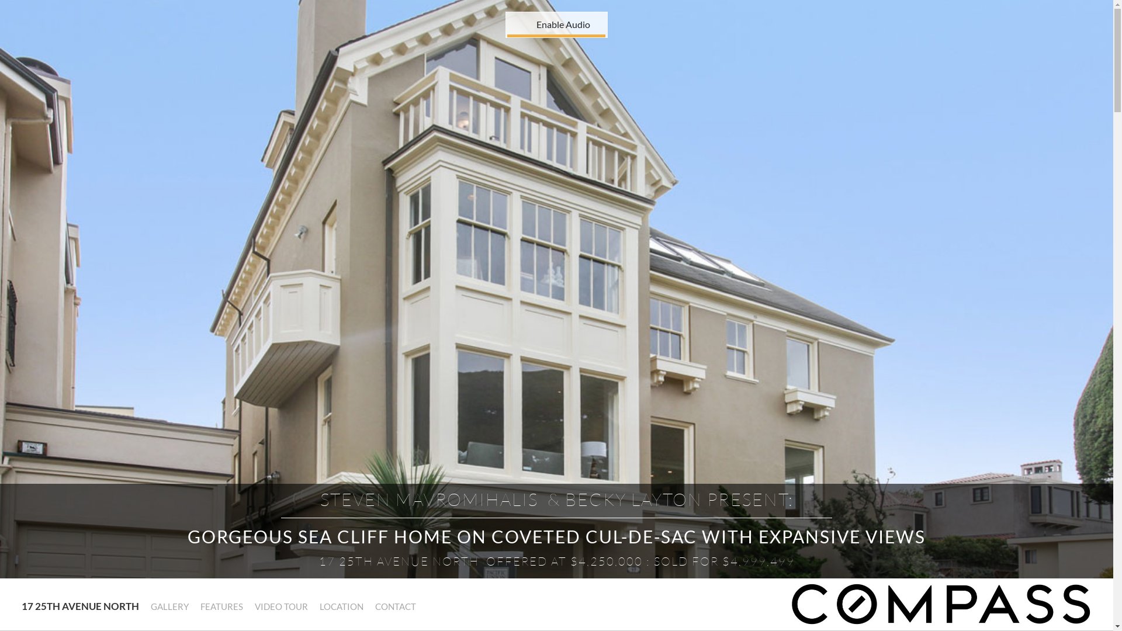 The height and width of the screenshot is (631, 1122). Describe the element at coordinates (340, 606) in the screenshot. I see `'LOCATION'` at that location.